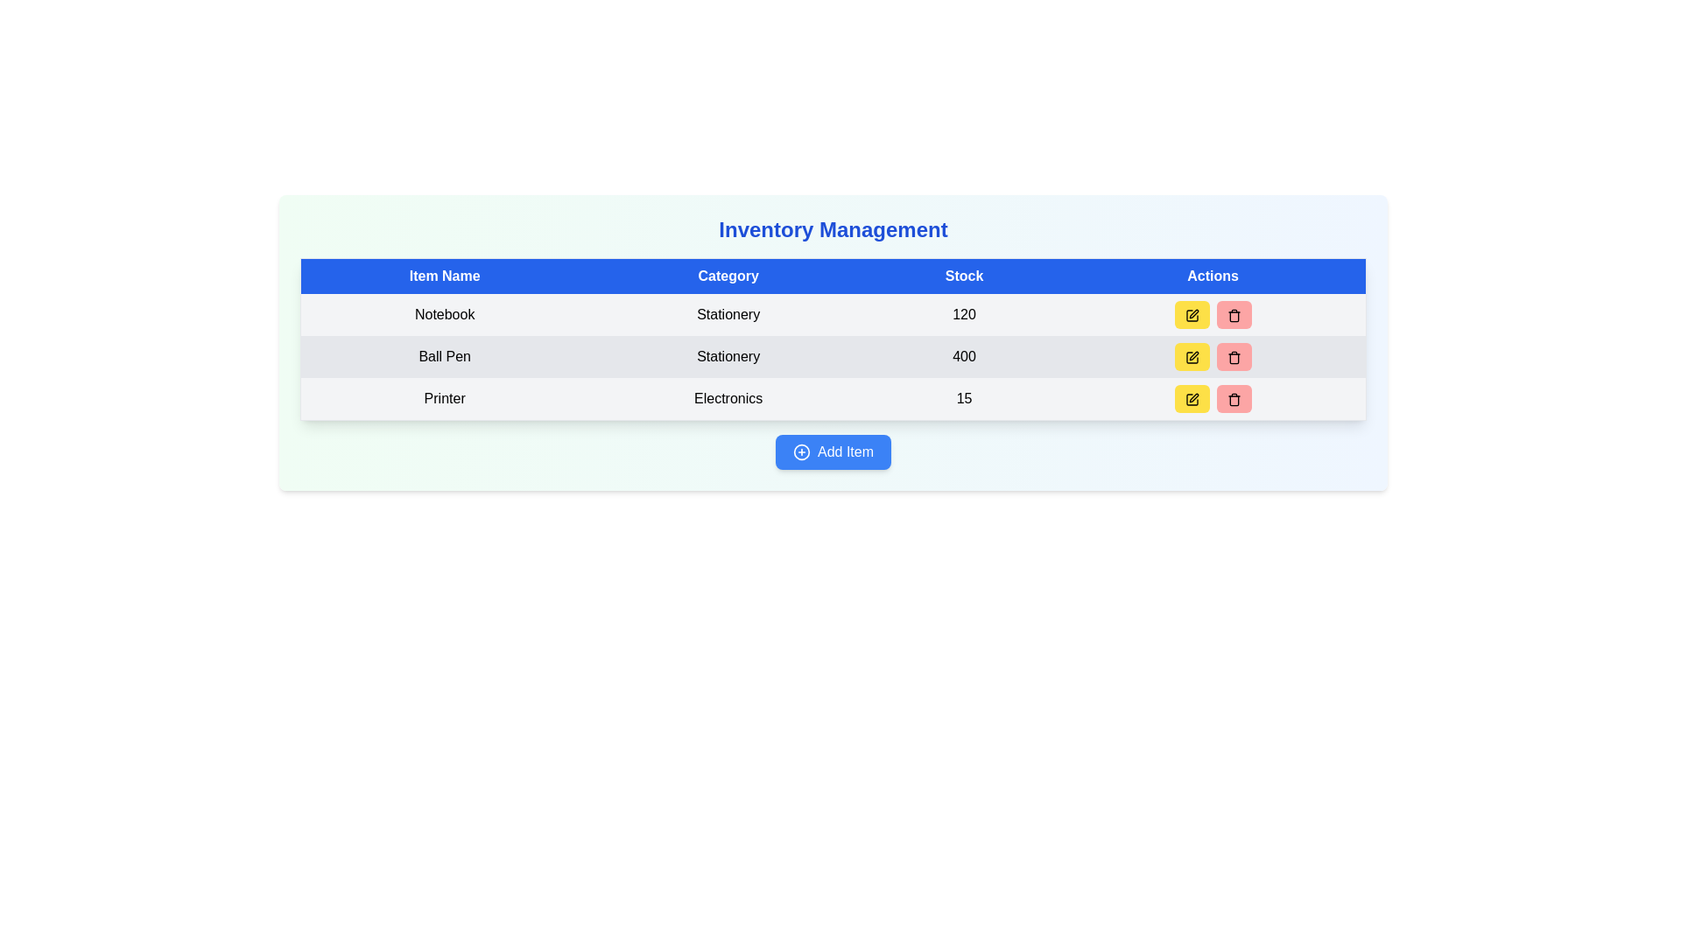 This screenshot has width=1681, height=945. Describe the element at coordinates (832, 451) in the screenshot. I see `the blue button labeled 'Add Item' with a white circular plus icon` at that location.